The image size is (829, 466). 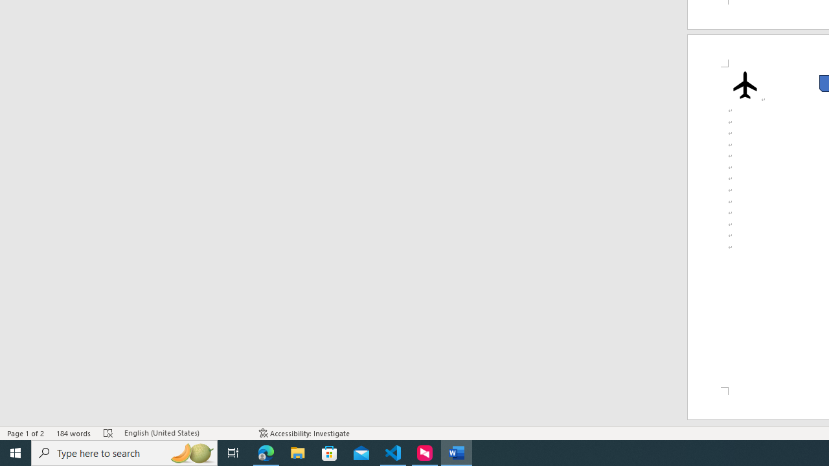 What do you see at coordinates (185, 433) in the screenshot?
I see `'Language English (United States)'` at bounding box center [185, 433].